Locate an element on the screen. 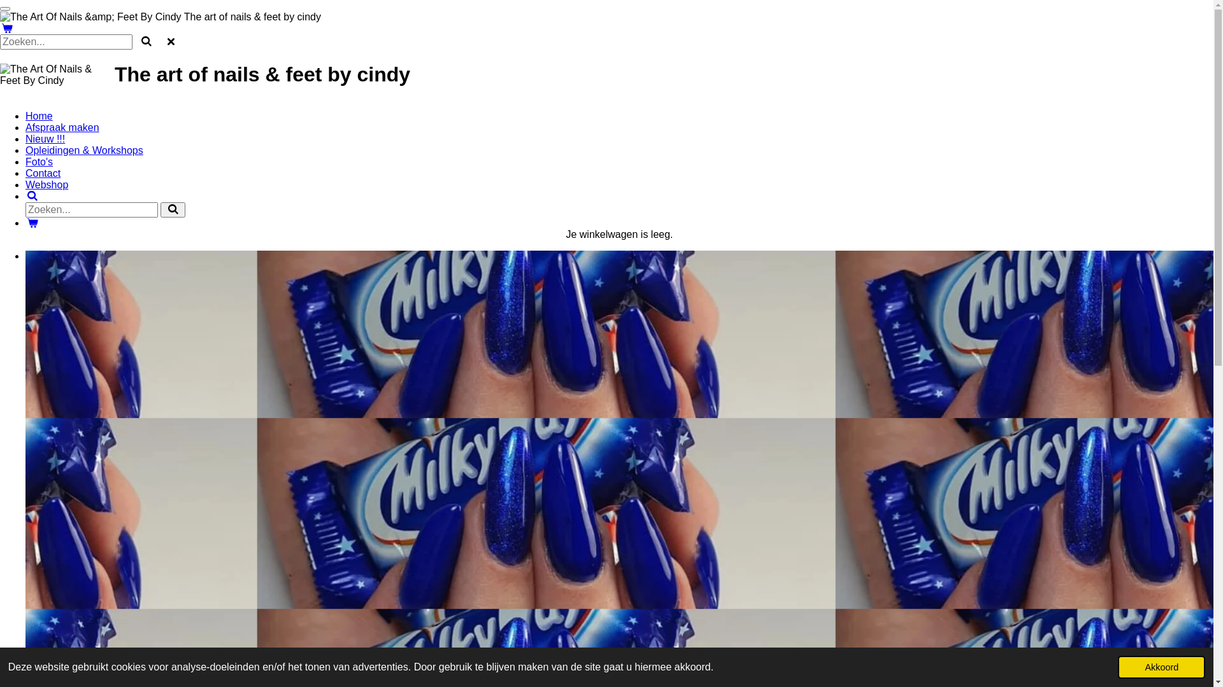 The image size is (1223, 687). 'Webshop' is located at coordinates (46, 184).